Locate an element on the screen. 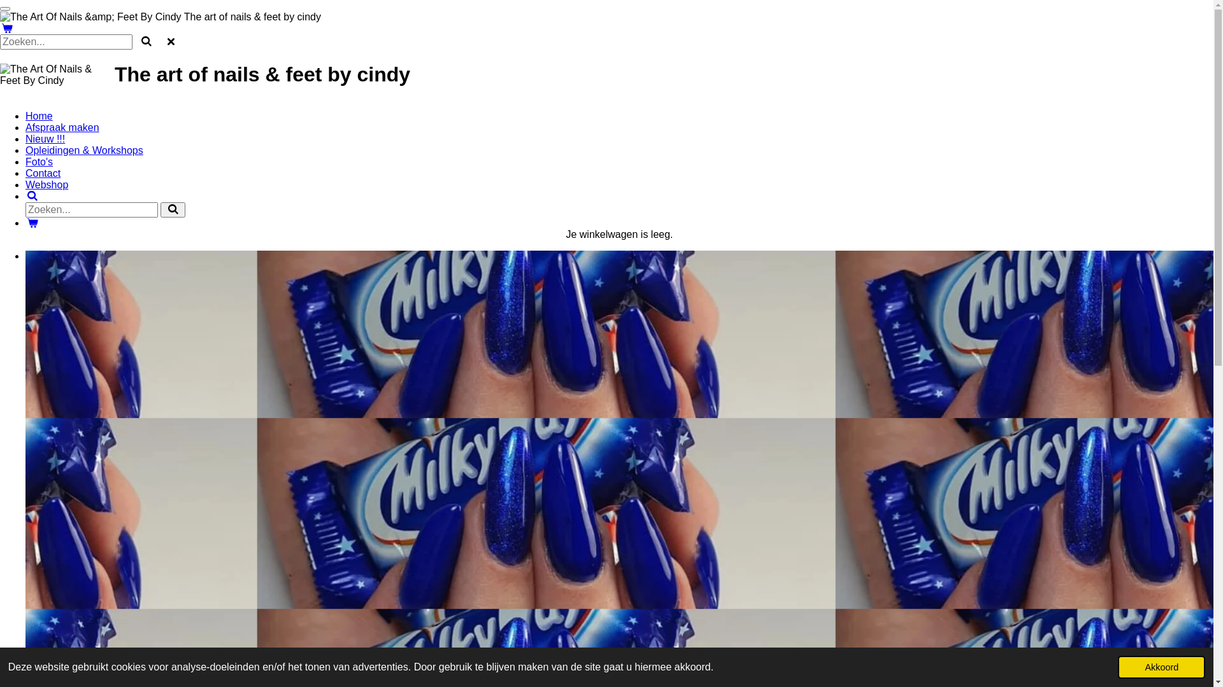 The image size is (1223, 687). 'Webshop' is located at coordinates (46, 184).